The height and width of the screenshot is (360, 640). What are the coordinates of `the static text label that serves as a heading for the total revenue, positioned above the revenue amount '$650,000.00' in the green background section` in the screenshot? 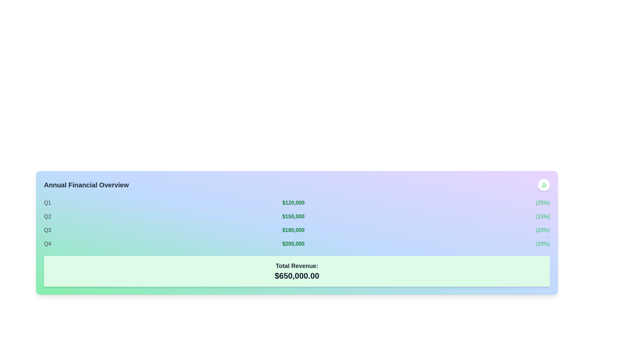 It's located at (297, 266).